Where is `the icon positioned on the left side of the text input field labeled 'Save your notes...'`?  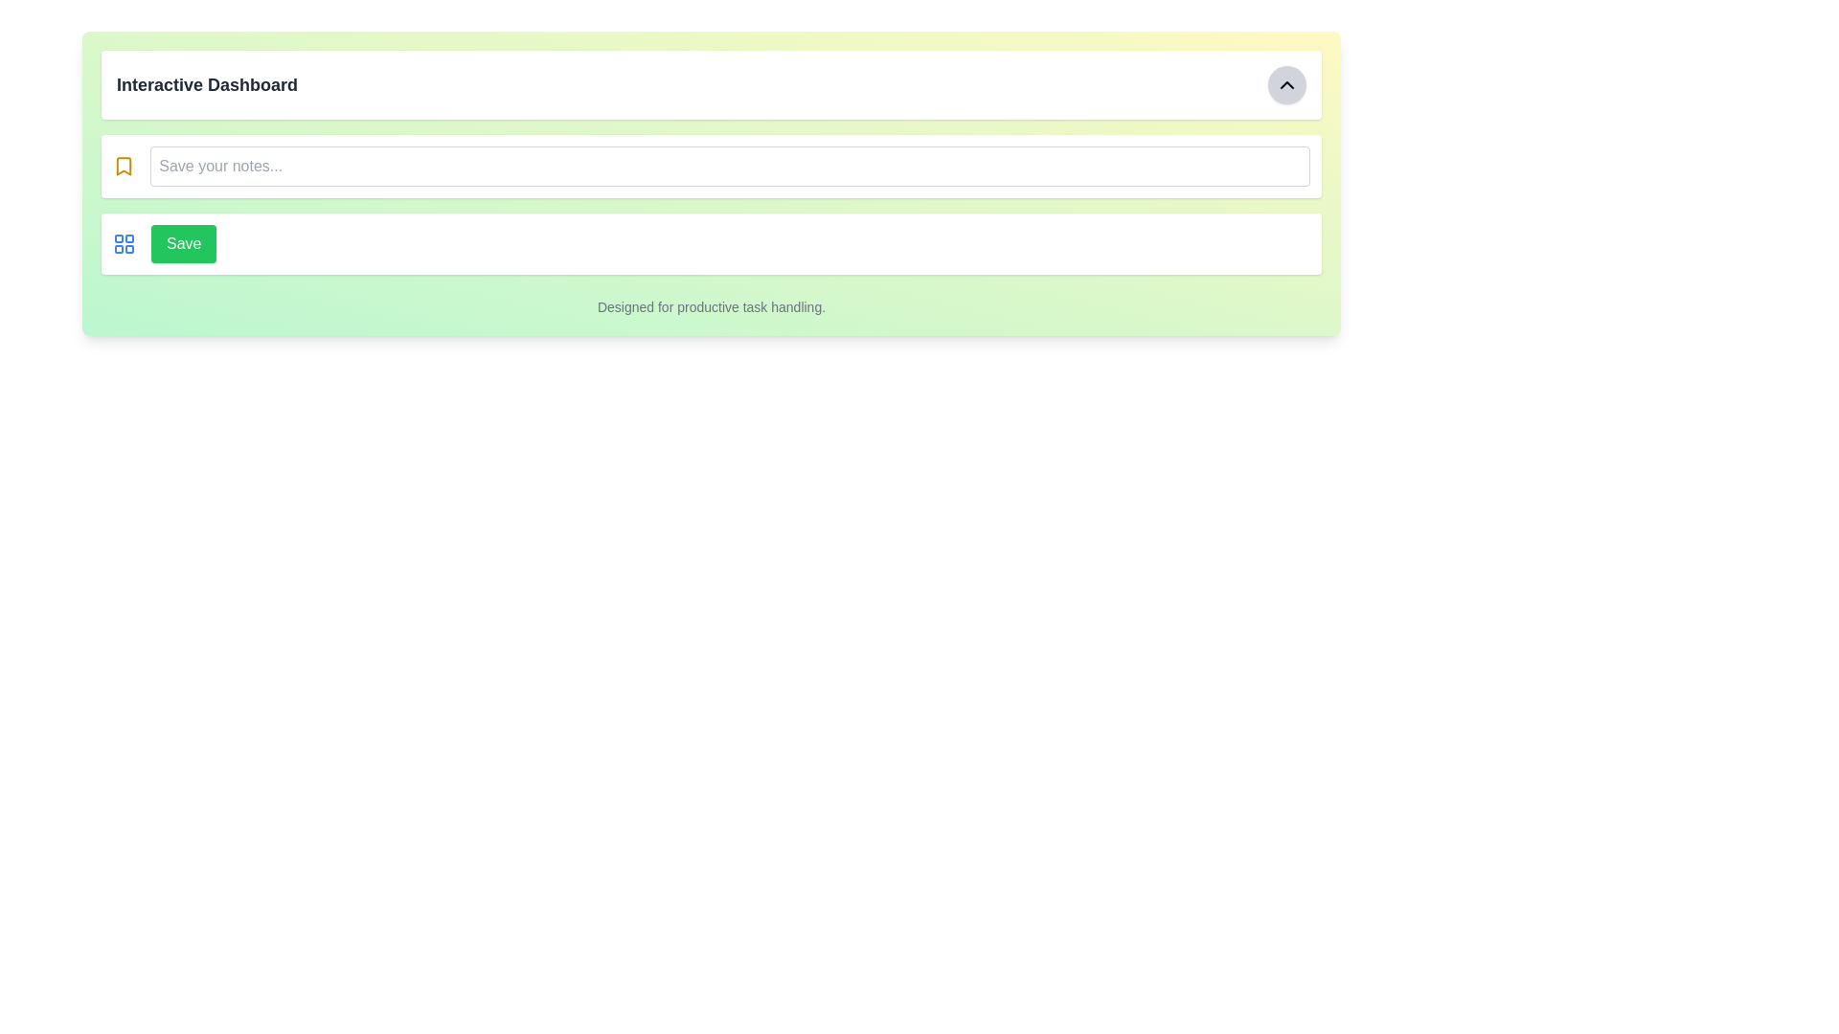 the icon positioned on the left side of the text input field labeled 'Save your notes...' is located at coordinates (123, 165).